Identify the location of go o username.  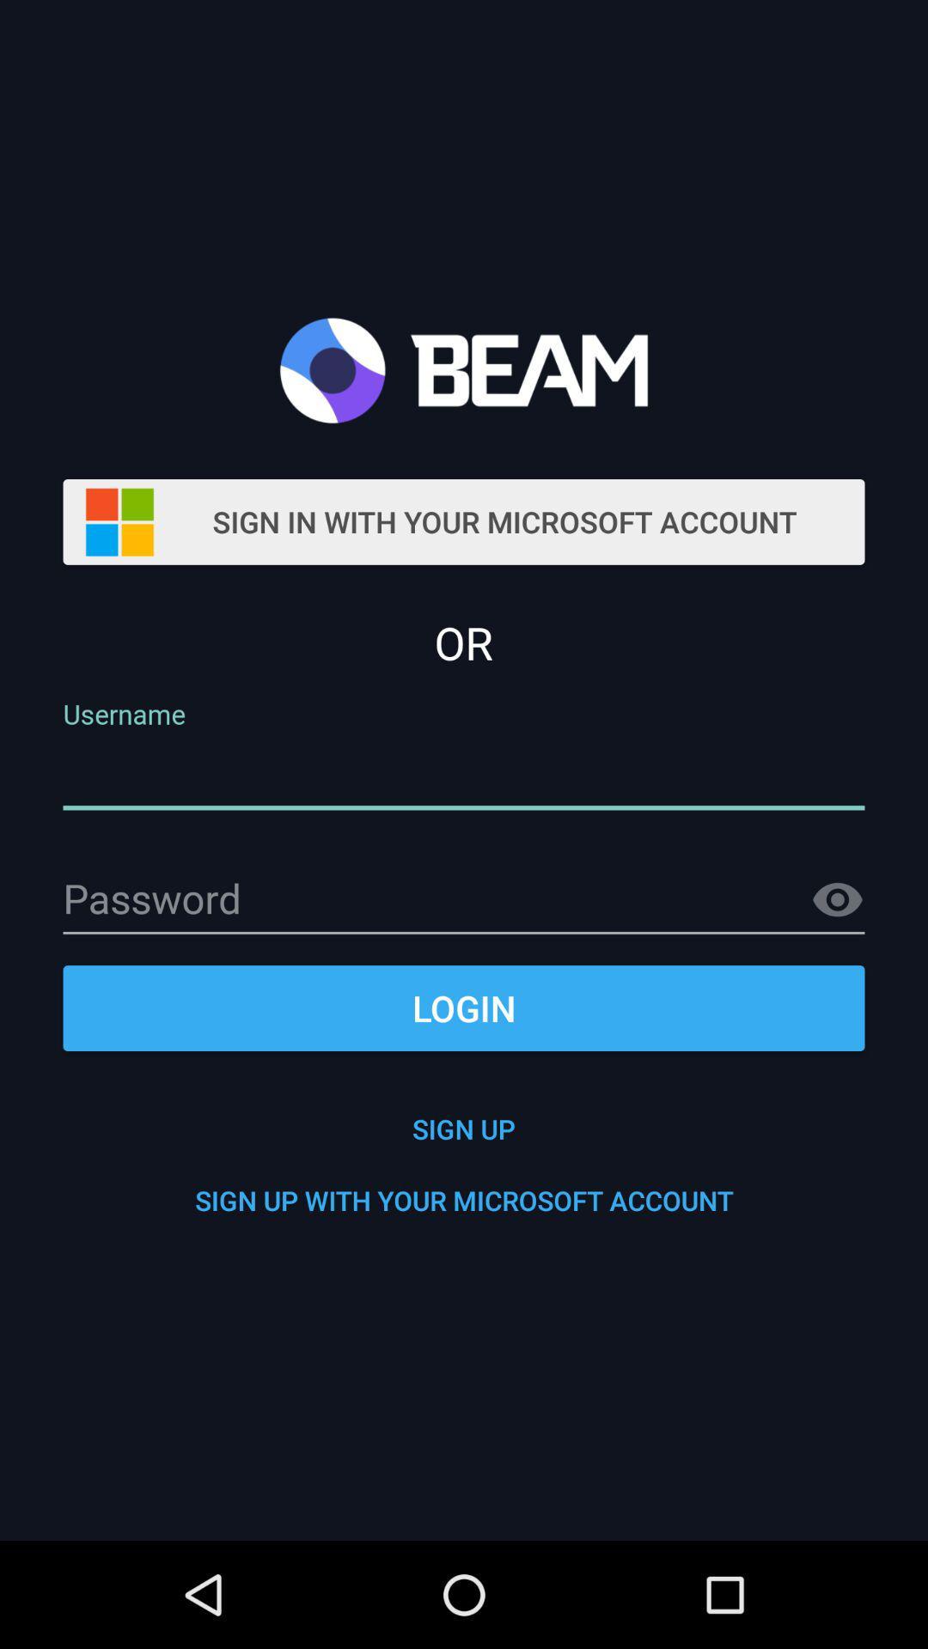
(464, 774).